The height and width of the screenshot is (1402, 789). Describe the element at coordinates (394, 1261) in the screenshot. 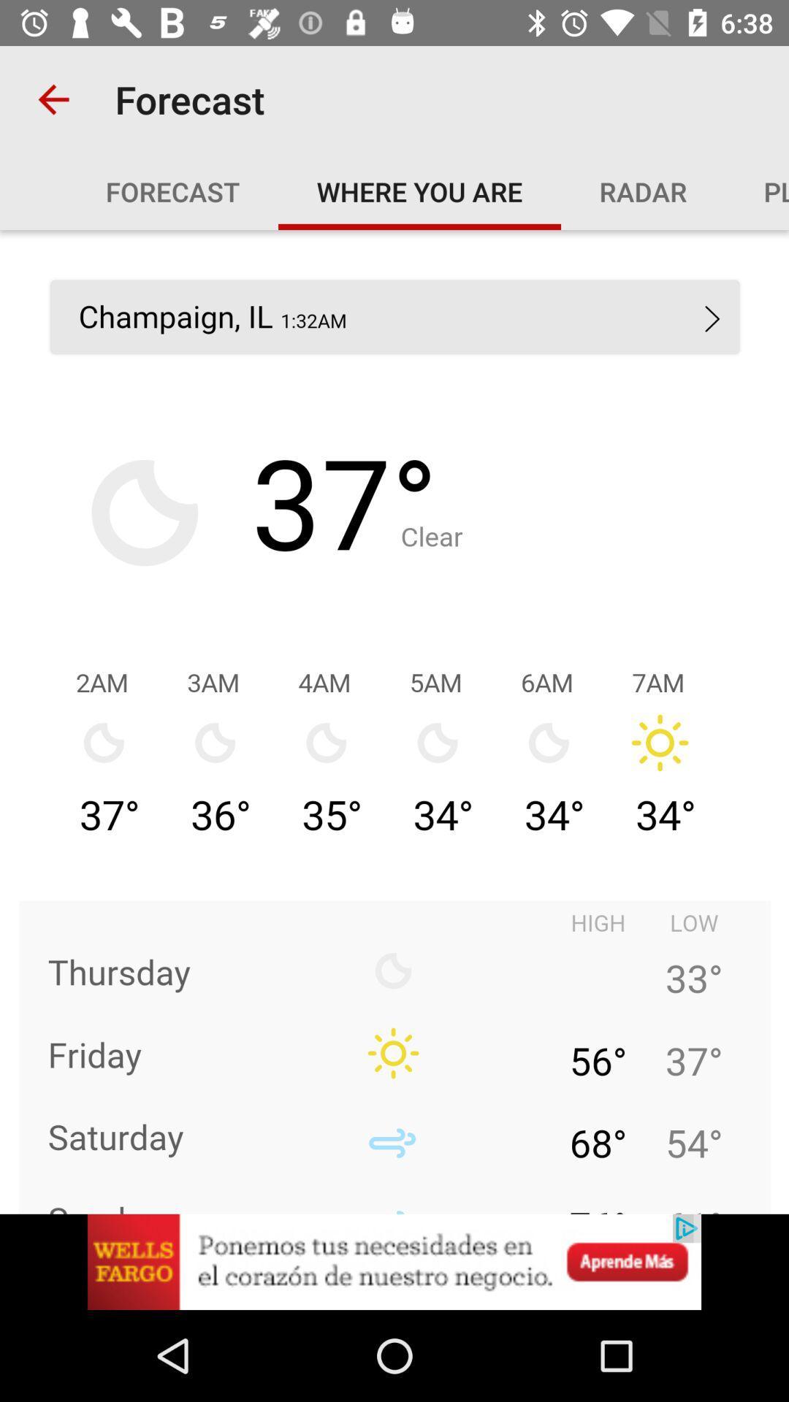

I see `advertisement page` at that location.